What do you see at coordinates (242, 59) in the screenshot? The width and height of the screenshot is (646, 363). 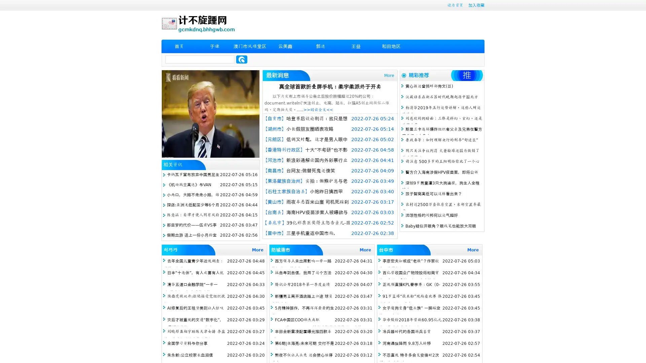 I see `Search` at bounding box center [242, 59].